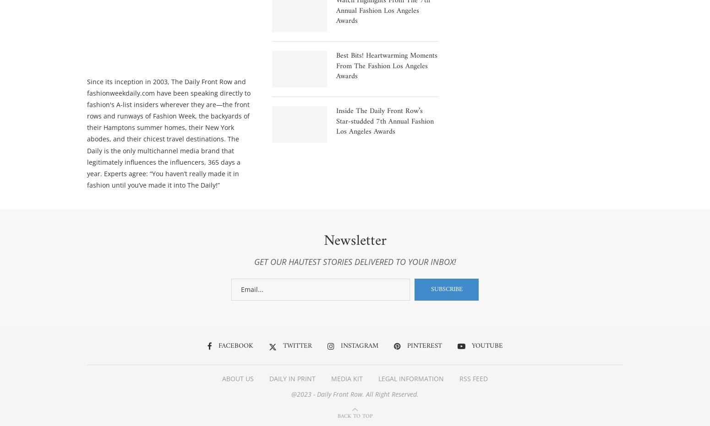 Image resolution: width=710 pixels, height=426 pixels. I want to click on 'Best Bits! Heartwarming Moments From The Fashion Los Angeles Awards', so click(386, 65).